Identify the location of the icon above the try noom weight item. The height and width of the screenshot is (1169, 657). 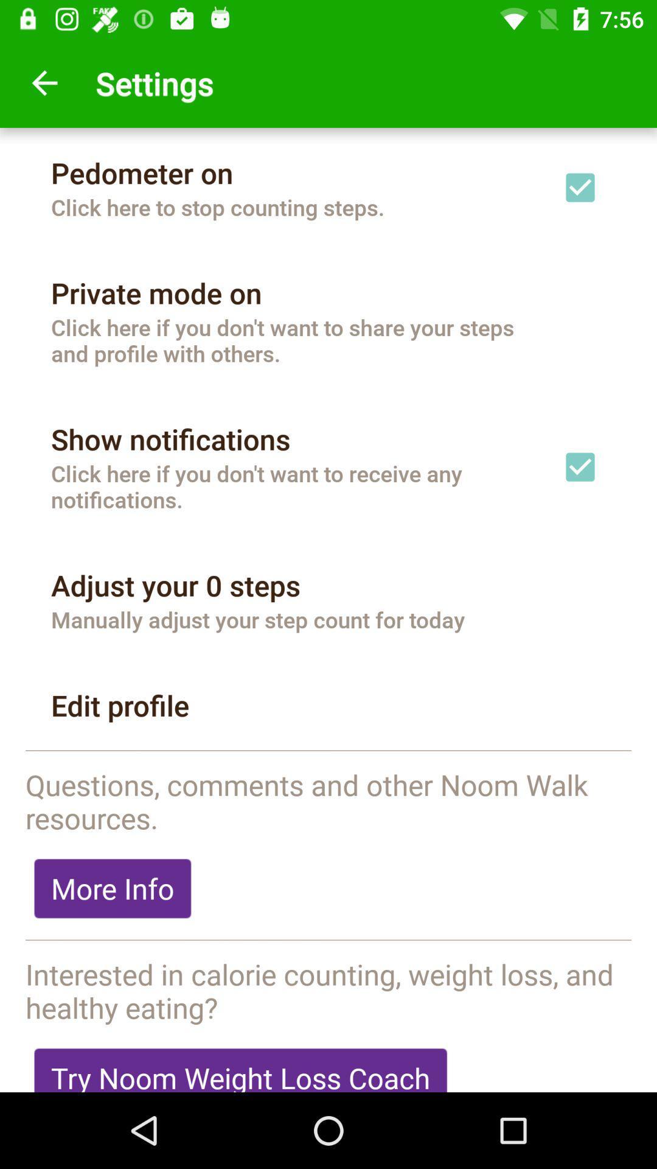
(328, 991).